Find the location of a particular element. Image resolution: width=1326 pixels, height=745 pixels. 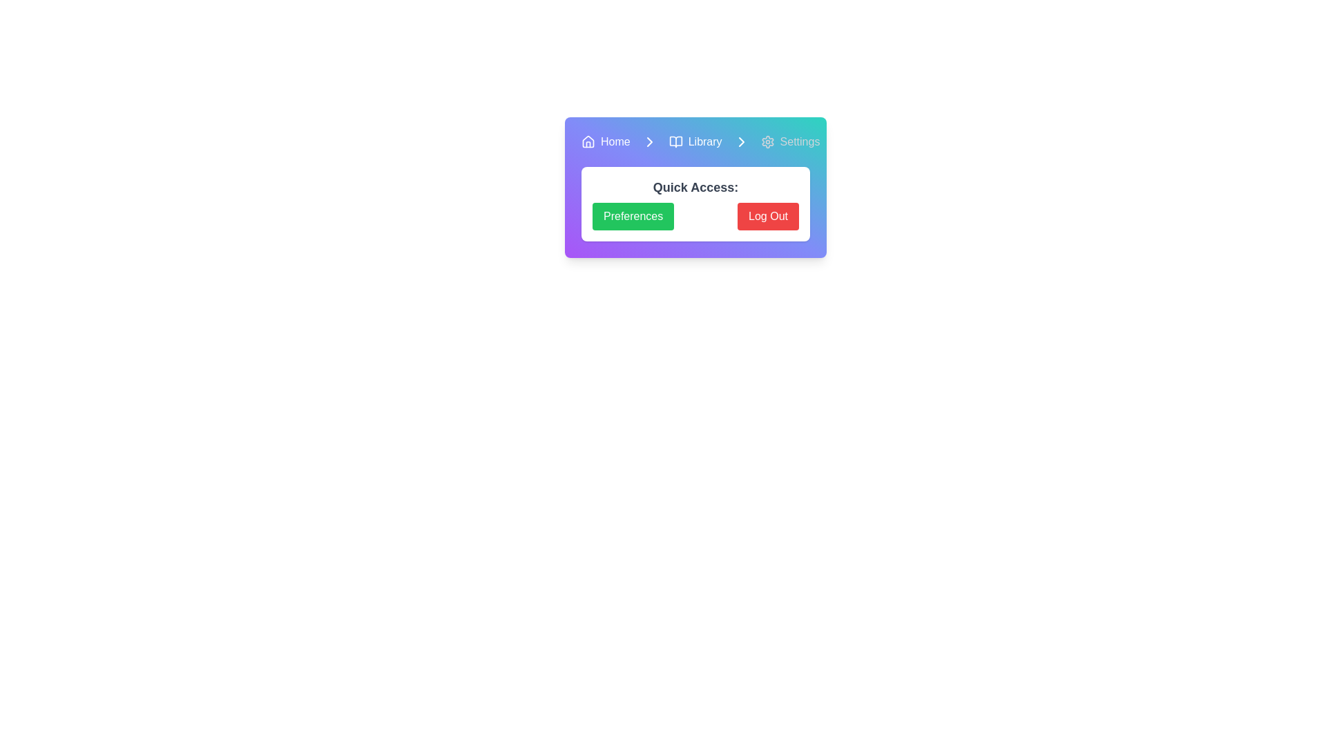

the progression indicator icon located to the right of the 'Home' label in the top navigation bar is located at coordinates (648, 141).